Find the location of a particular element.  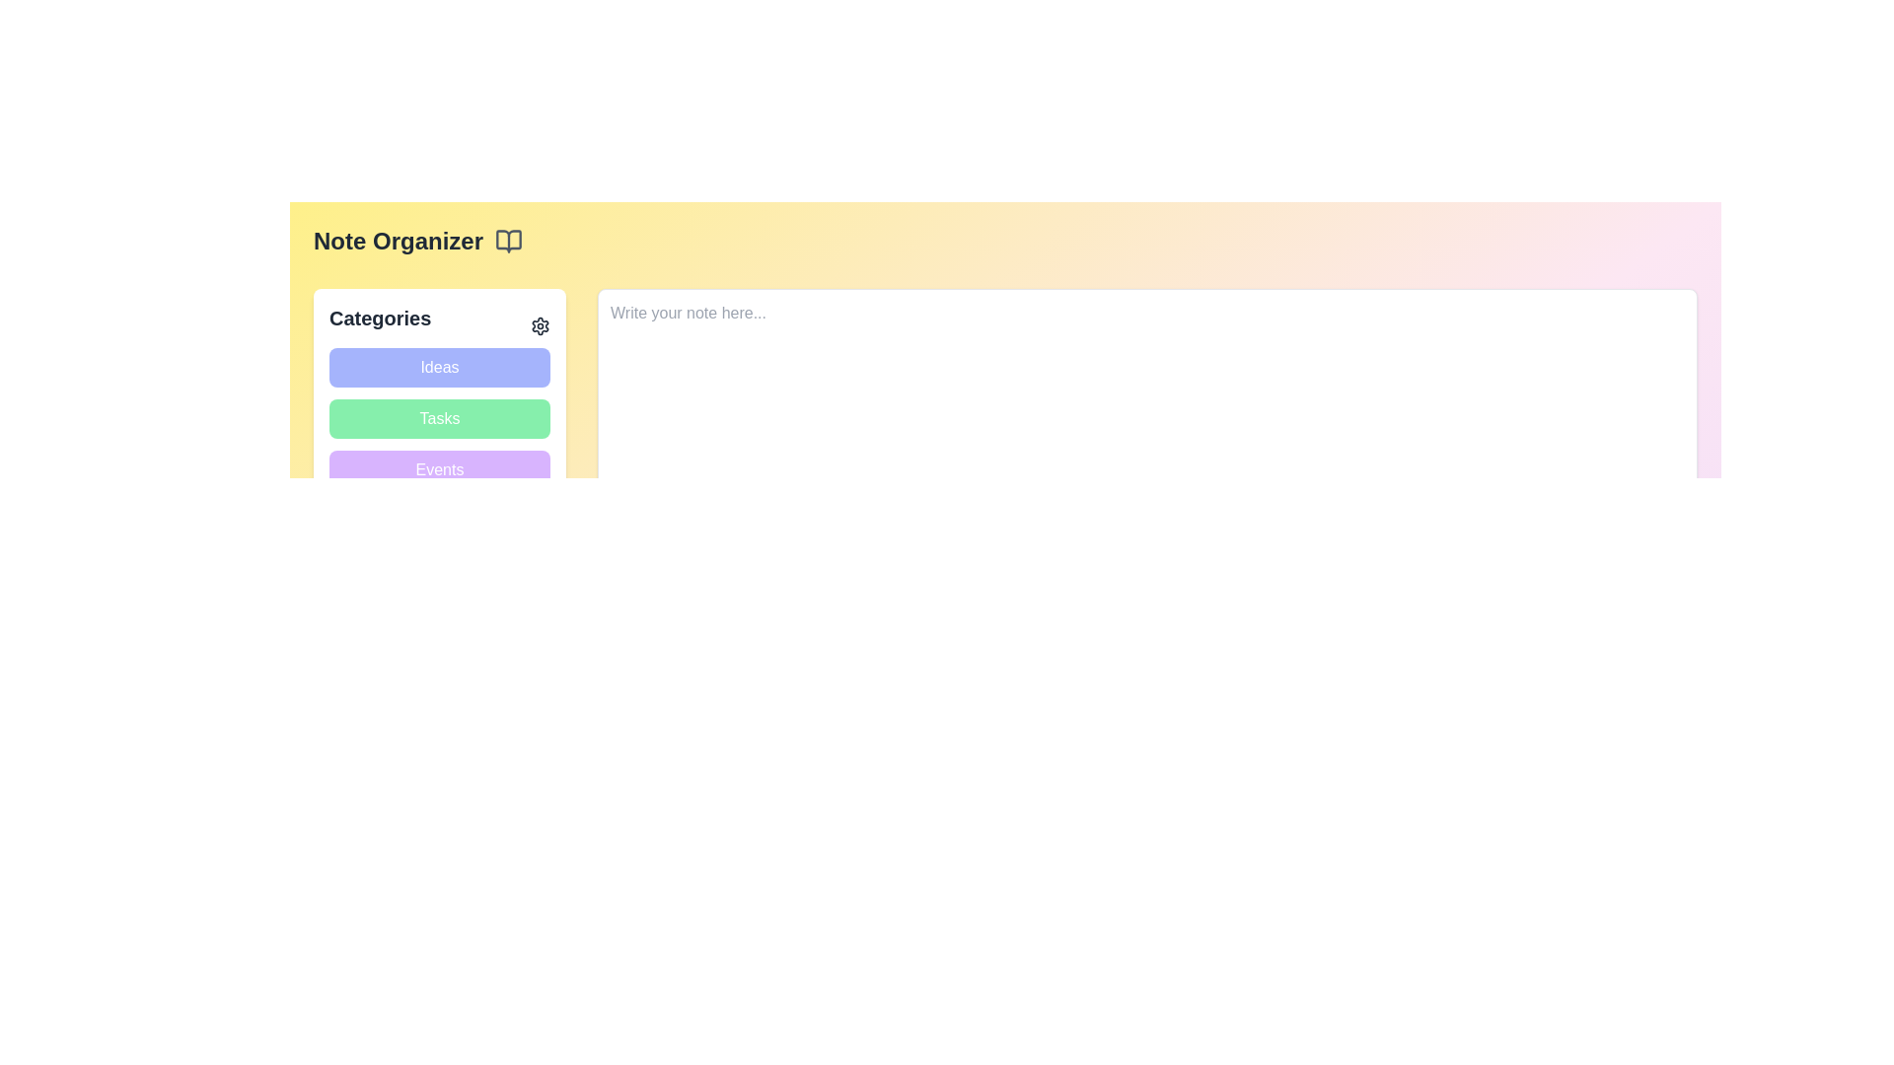

the settings icon button located at the top-right corner of the 'Categories' panel is located at coordinates (540, 325).